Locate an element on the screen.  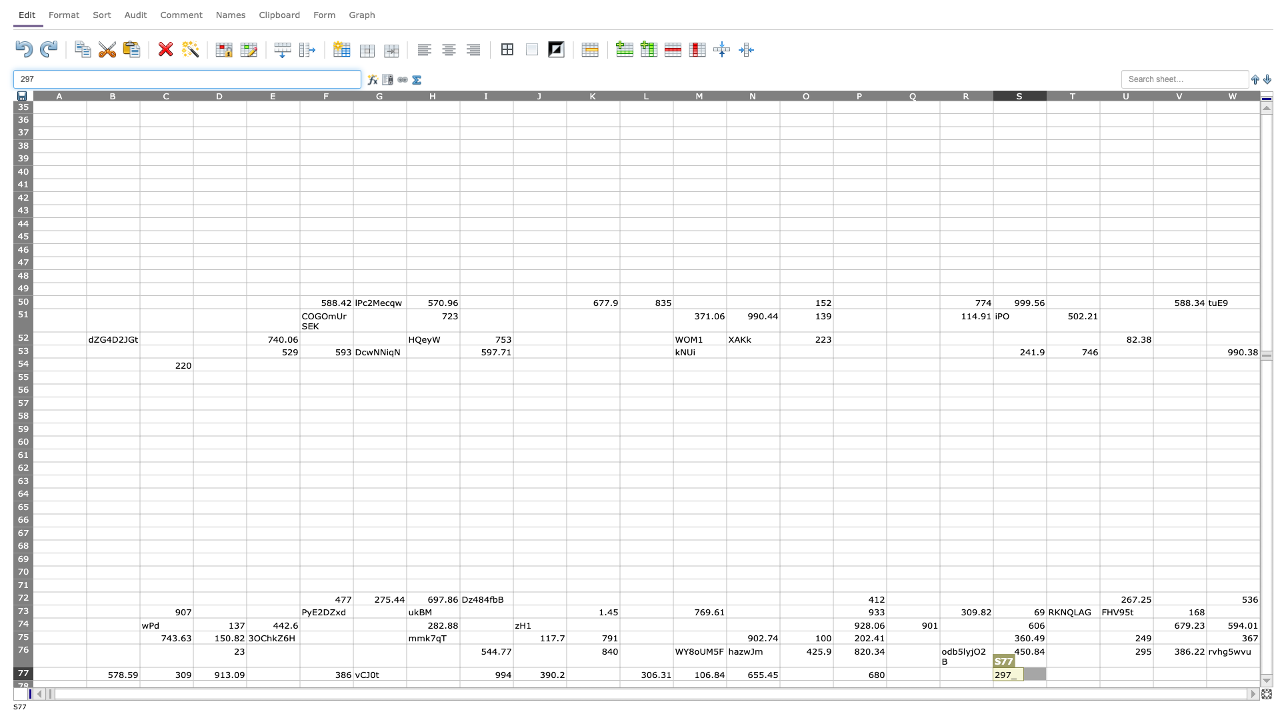
top left corner of T77 is located at coordinates (1045, 667).